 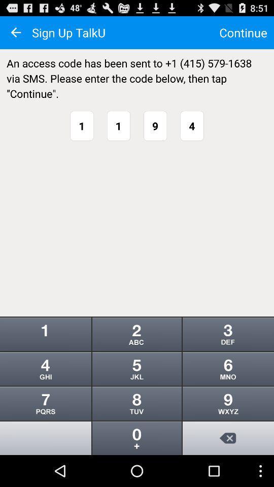 What do you see at coordinates (45, 431) in the screenshot?
I see `the info icon` at bounding box center [45, 431].